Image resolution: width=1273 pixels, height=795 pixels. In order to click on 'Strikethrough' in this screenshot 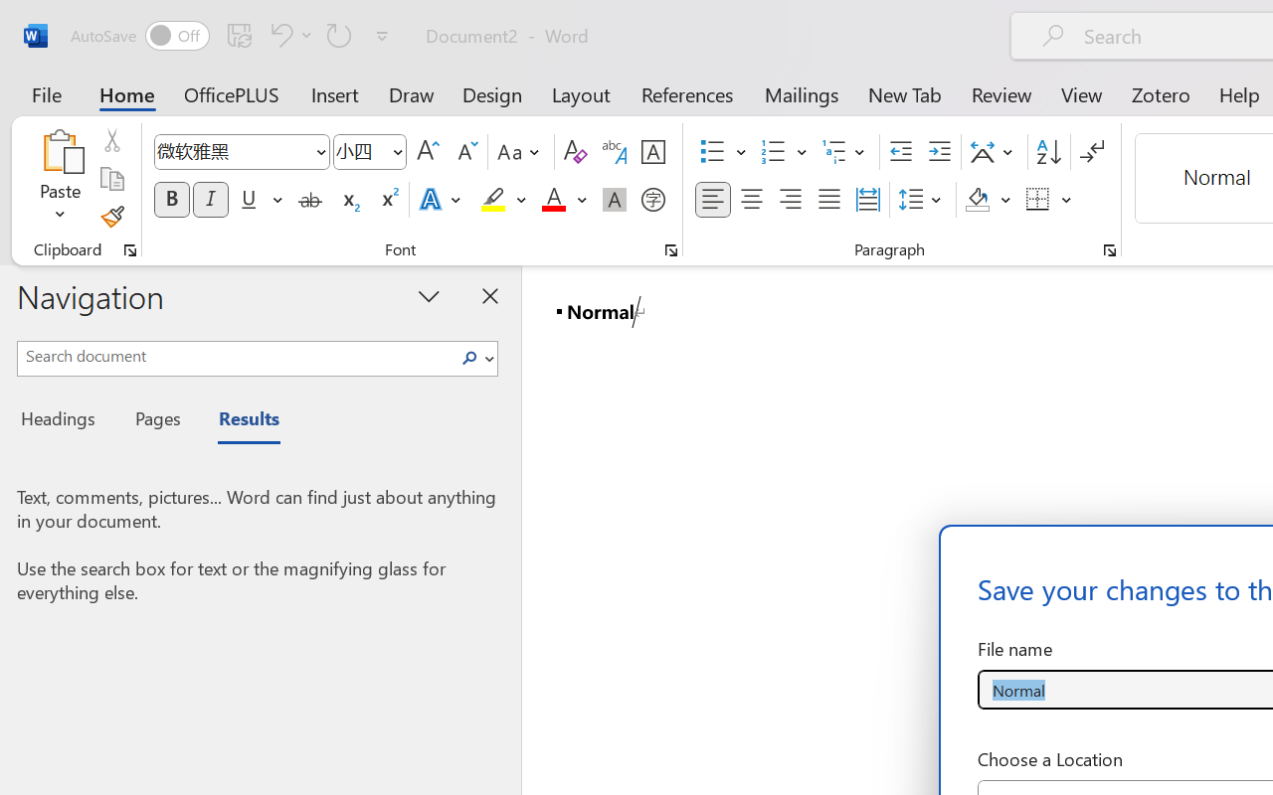, I will do `click(309, 200)`.